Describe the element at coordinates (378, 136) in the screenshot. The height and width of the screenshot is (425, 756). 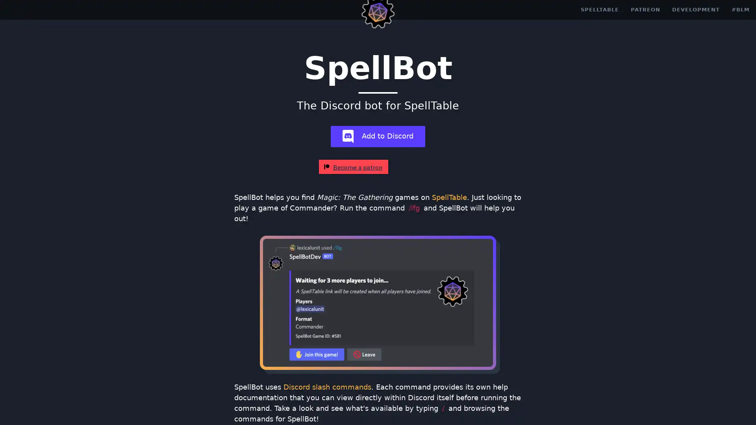
I see `add-bot Add to Discord` at that location.